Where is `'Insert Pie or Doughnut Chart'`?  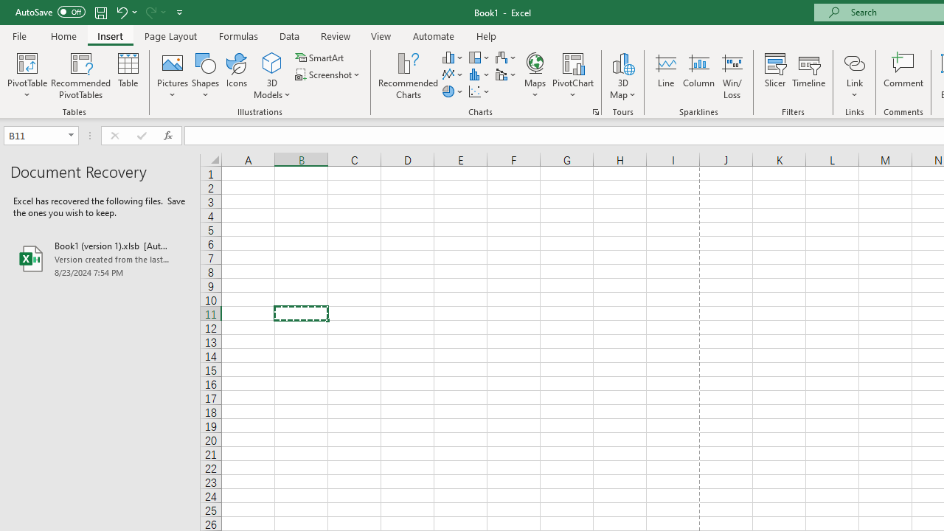 'Insert Pie or Doughnut Chart' is located at coordinates (453, 91).